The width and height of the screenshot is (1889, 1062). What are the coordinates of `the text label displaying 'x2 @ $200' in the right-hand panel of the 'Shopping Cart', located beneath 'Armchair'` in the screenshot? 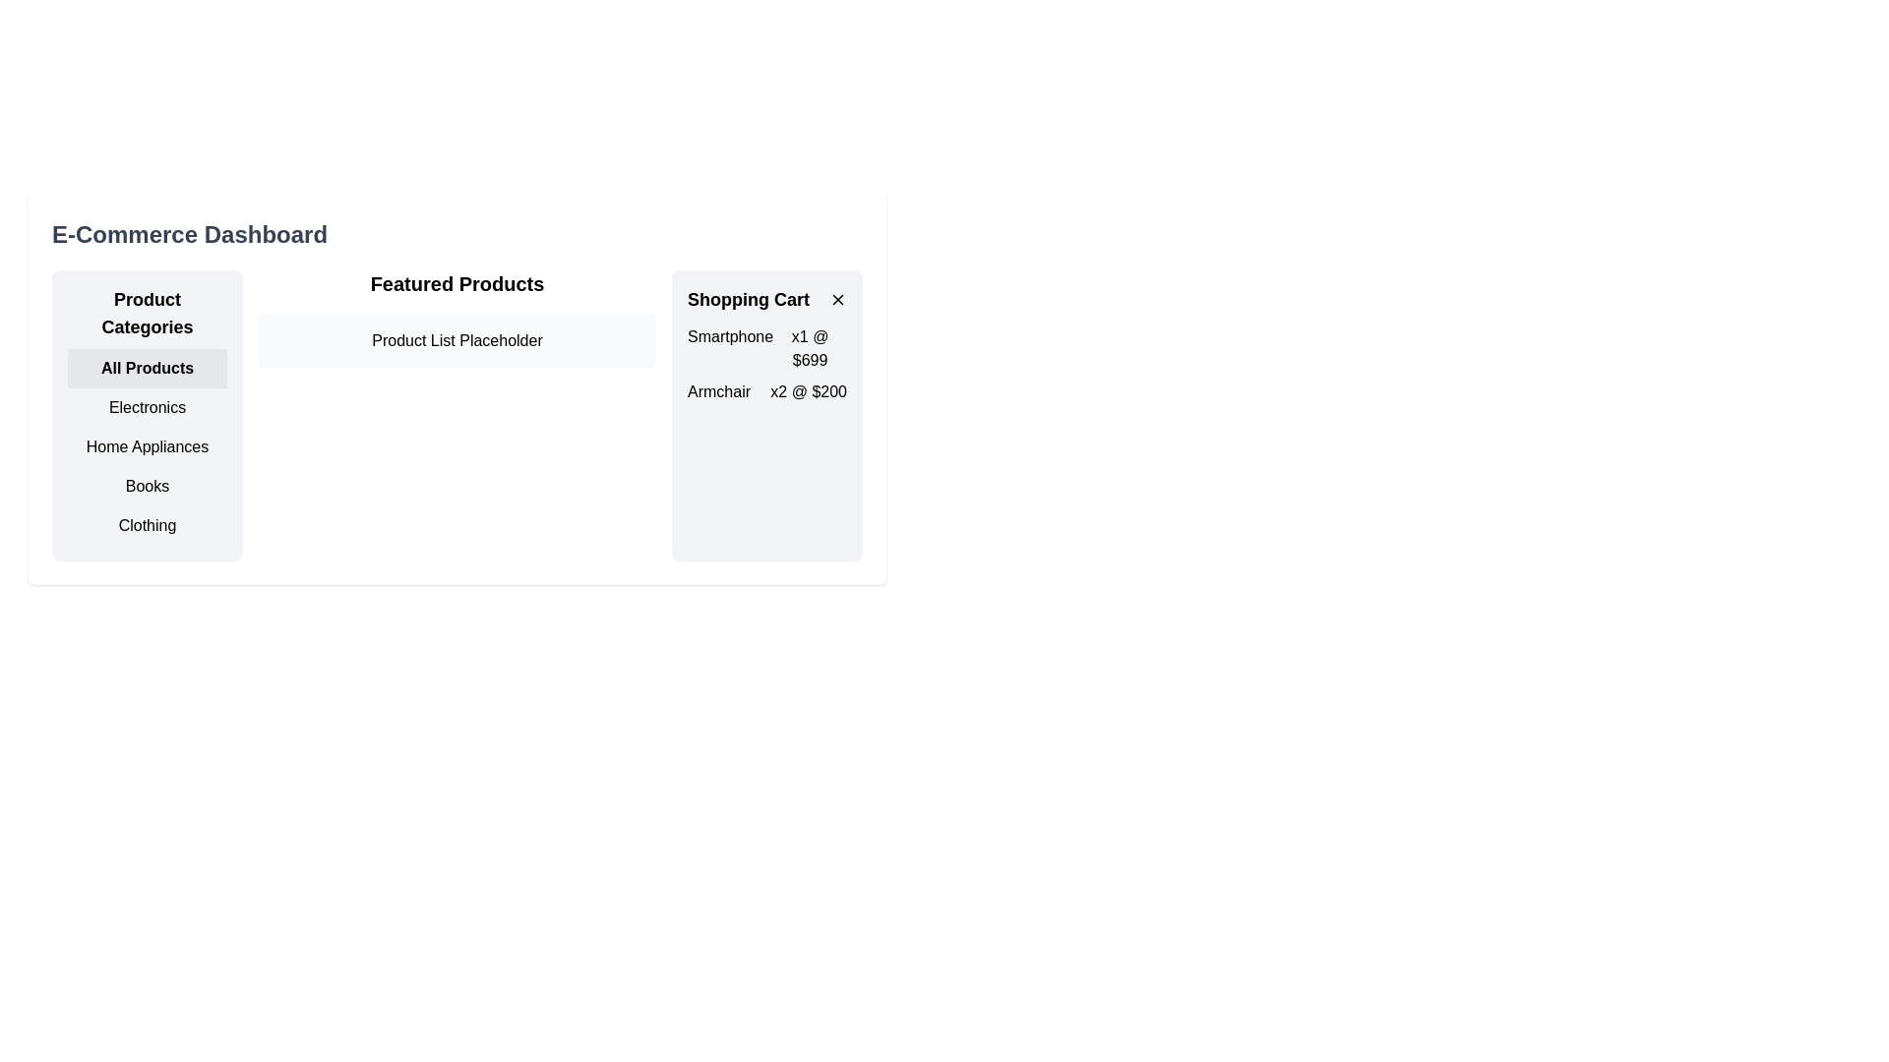 It's located at (809, 391).